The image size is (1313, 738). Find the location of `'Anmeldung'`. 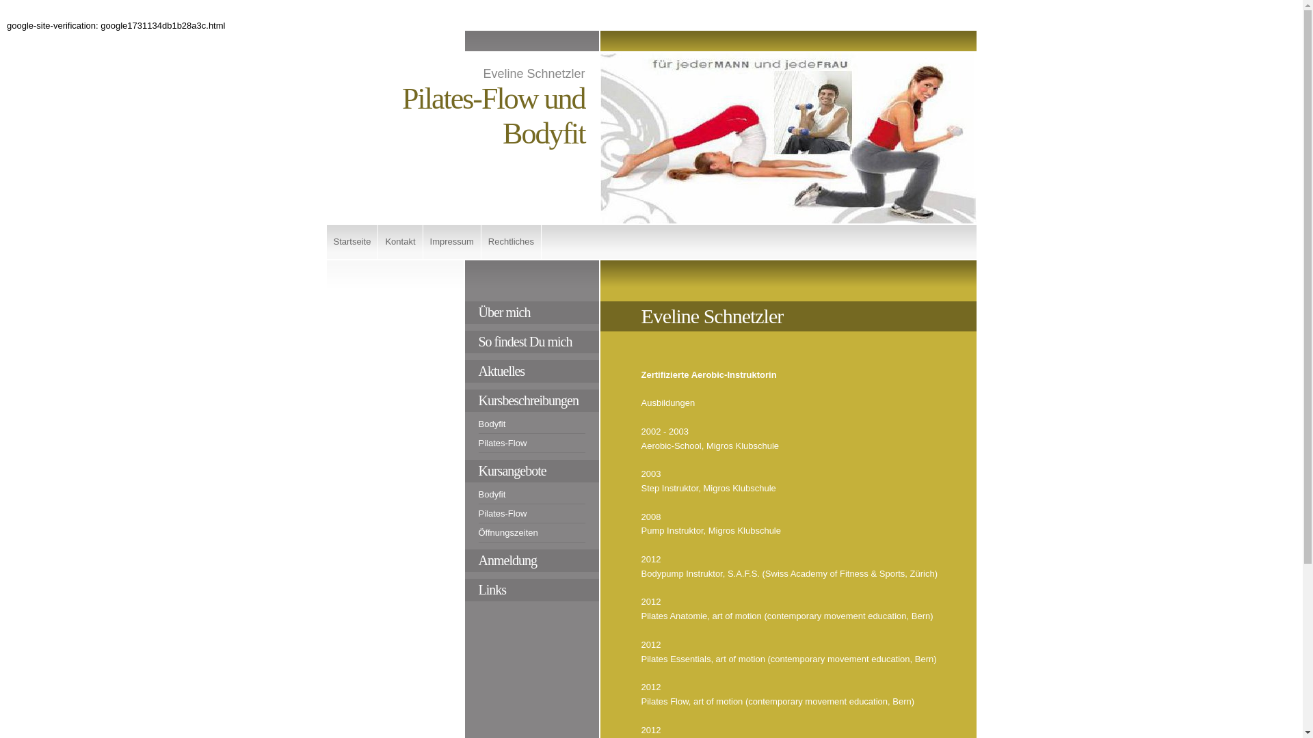

'Anmeldung' is located at coordinates (531, 560).